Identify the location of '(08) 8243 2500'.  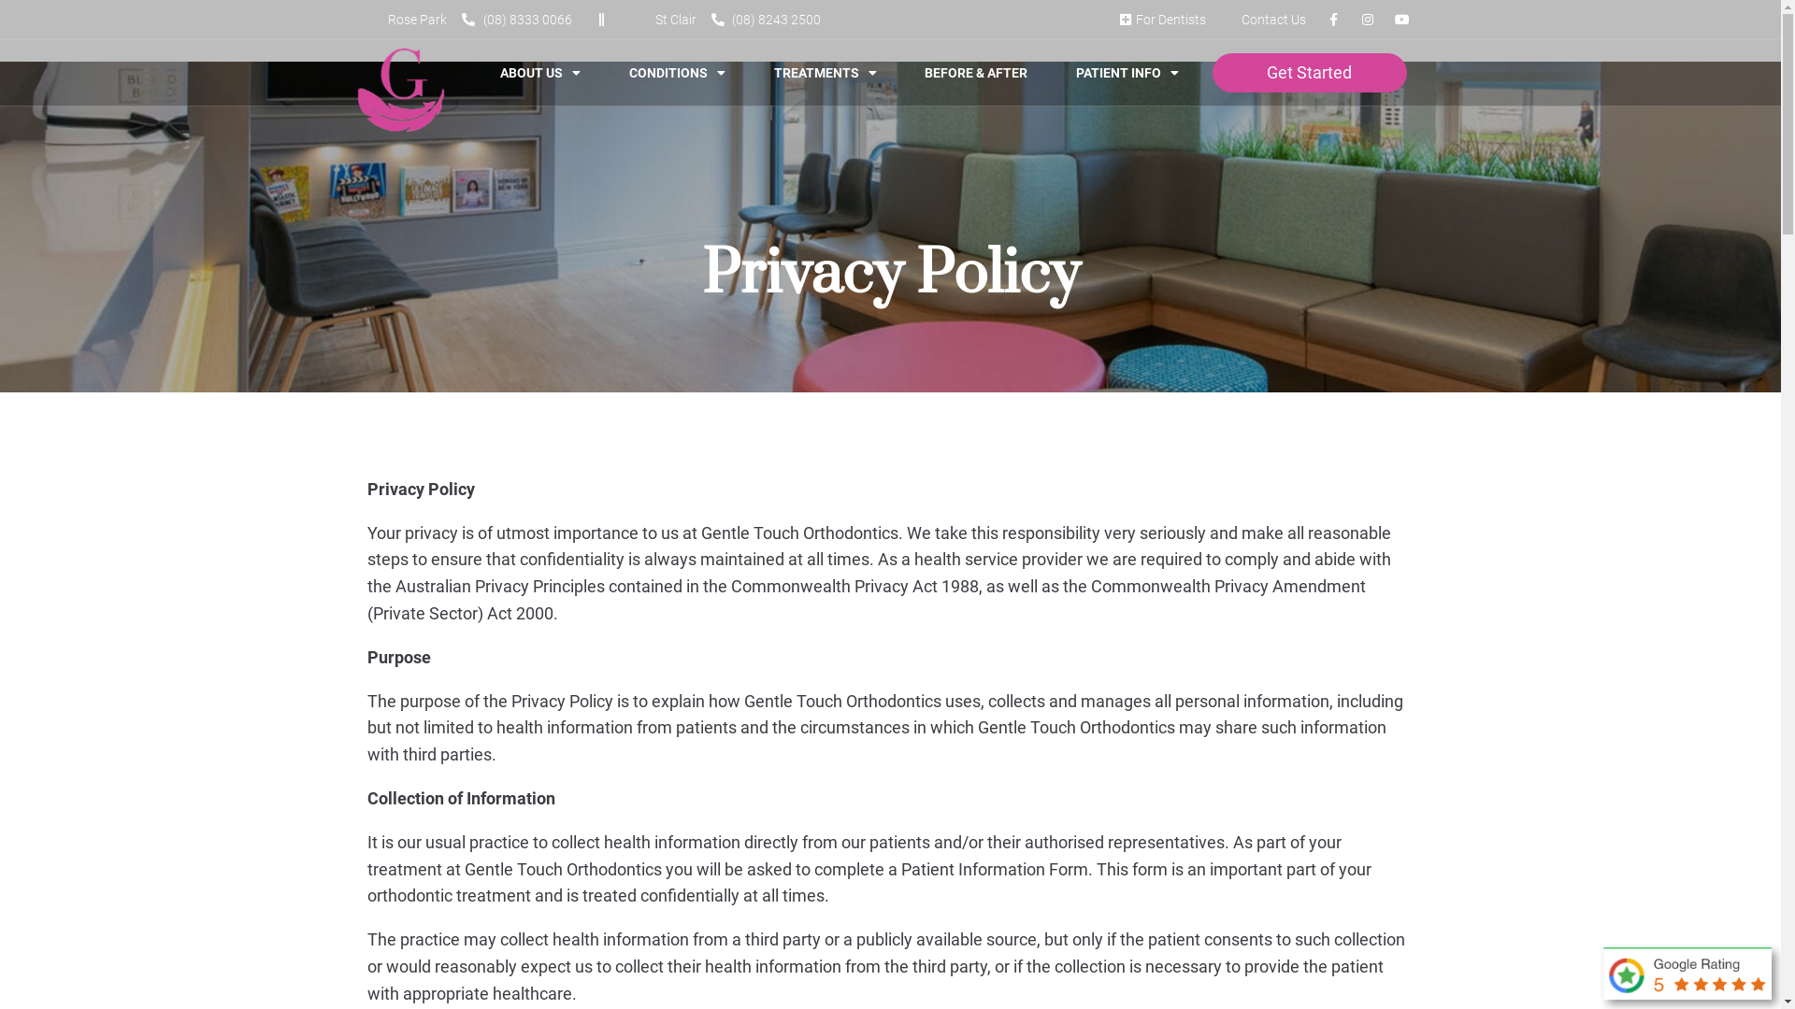
(766, 19).